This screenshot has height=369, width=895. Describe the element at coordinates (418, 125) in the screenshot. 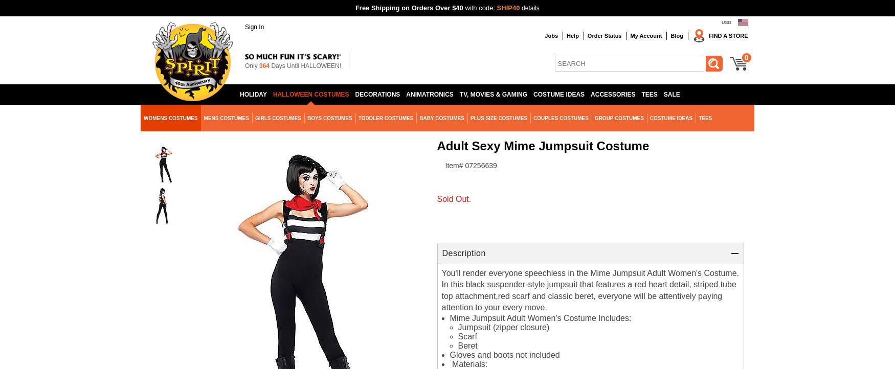

I see `'Classic Womens Costumes'` at that location.